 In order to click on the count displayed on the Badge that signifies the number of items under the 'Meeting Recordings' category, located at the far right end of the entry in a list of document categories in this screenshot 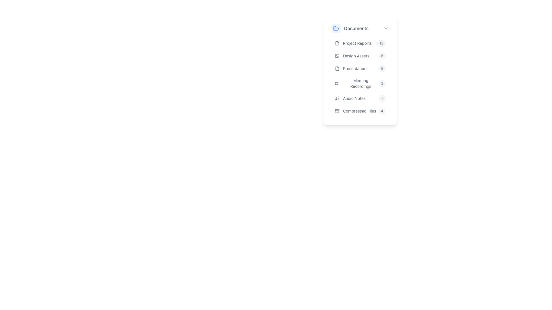, I will do `click(382, 83)`.